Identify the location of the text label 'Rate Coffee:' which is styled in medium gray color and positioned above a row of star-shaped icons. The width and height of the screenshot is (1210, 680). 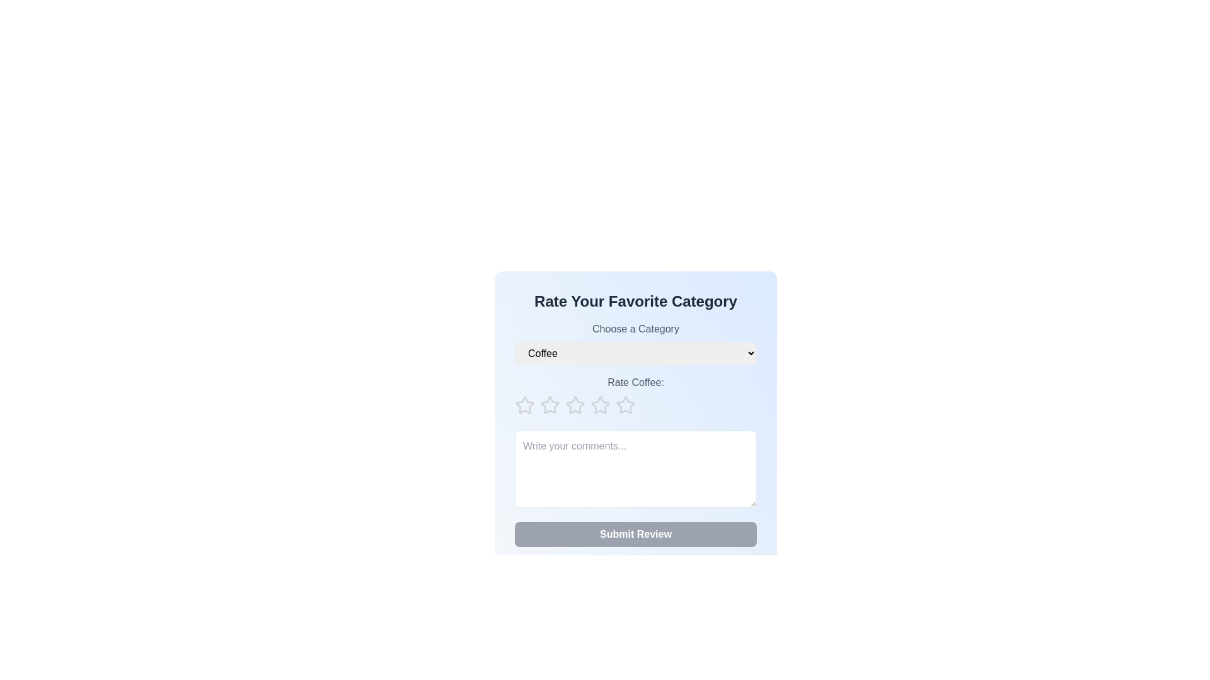
(635, 382).